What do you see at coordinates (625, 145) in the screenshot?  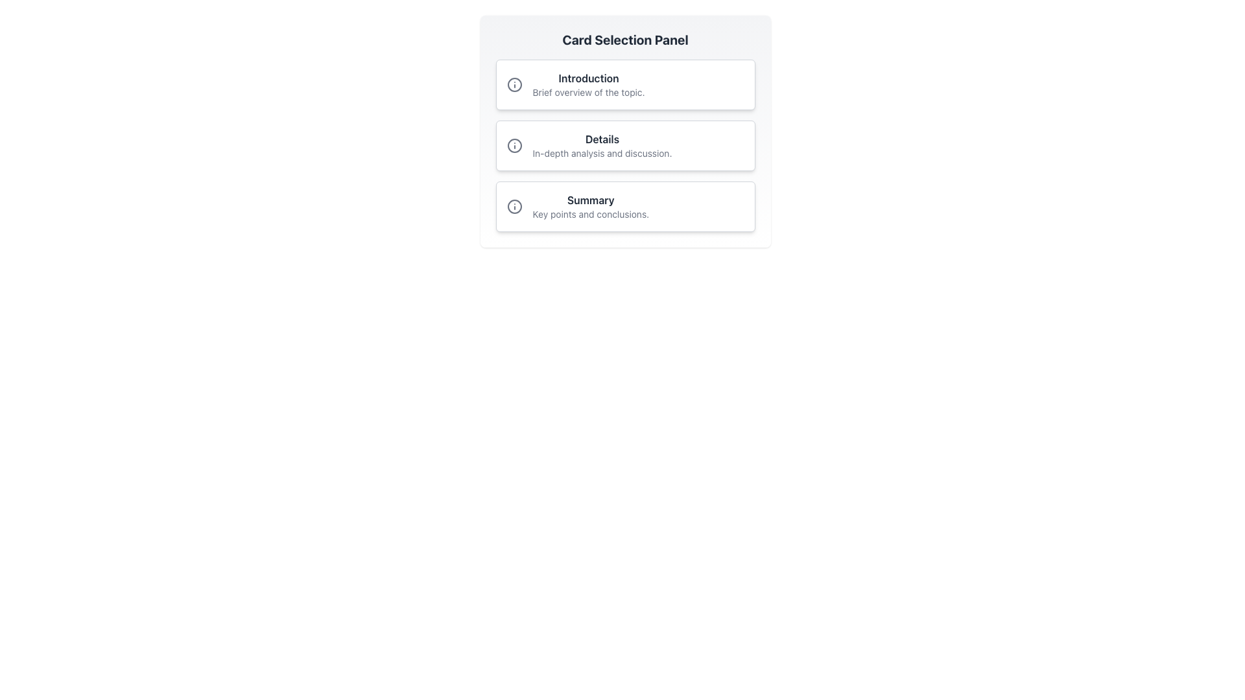 I see `on the second card labeled 'Details' which contains an information icon and provides in-depth analysis and discussion` at bounding box center [625, 145].